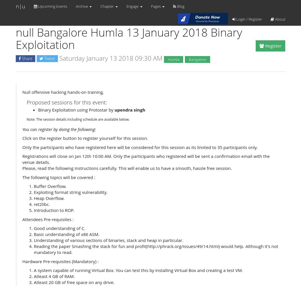 The width and height of the screenshot is (301, 286). What do you see at coordinates (248, 19) in the screenshot?
I see `'Login / Register'` at bounding box center [248, 19].